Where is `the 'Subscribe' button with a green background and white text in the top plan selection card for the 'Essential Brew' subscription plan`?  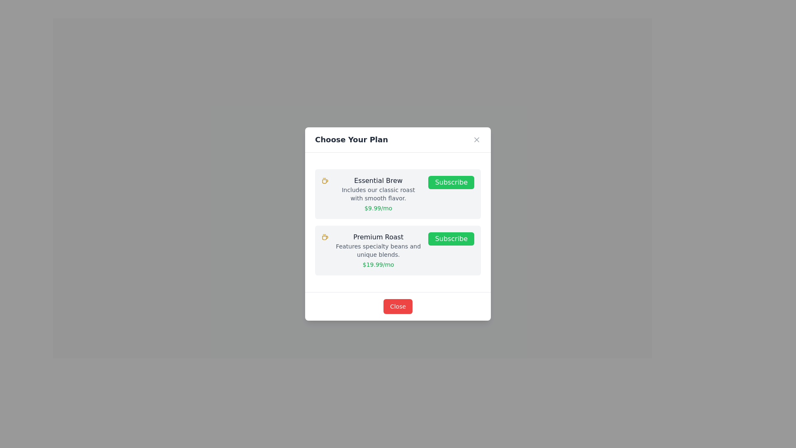 the 'Subscribe' button with a green background and white text in the top plan selection card for the 'Essential Brew' subscription plan is located at coordinates (451, 182).